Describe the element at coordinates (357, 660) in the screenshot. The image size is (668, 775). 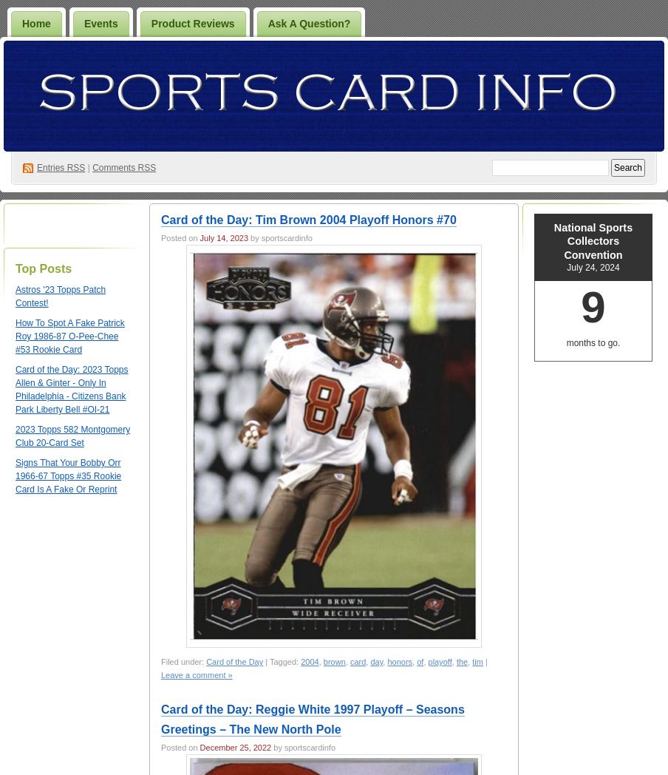
I see `'card'` at that location.